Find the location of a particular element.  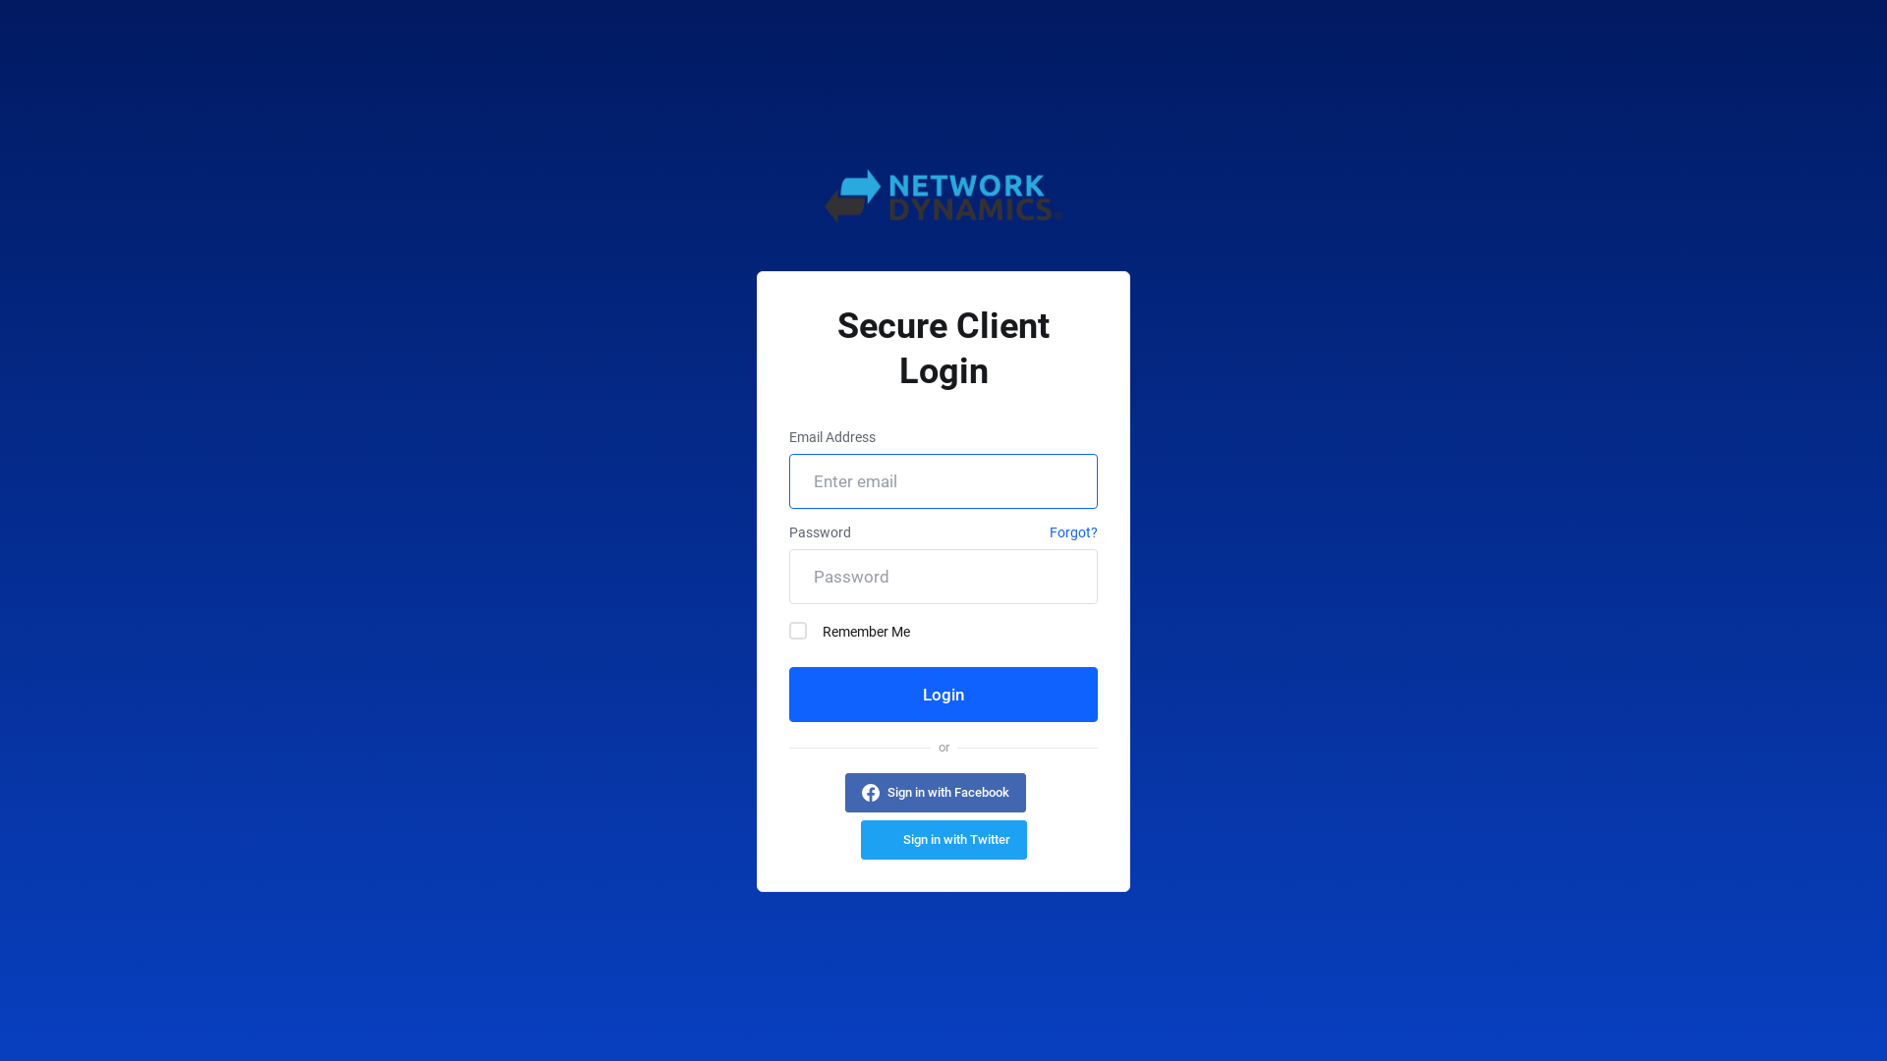

'Forgot?' is located at coordinates (1072, 534).